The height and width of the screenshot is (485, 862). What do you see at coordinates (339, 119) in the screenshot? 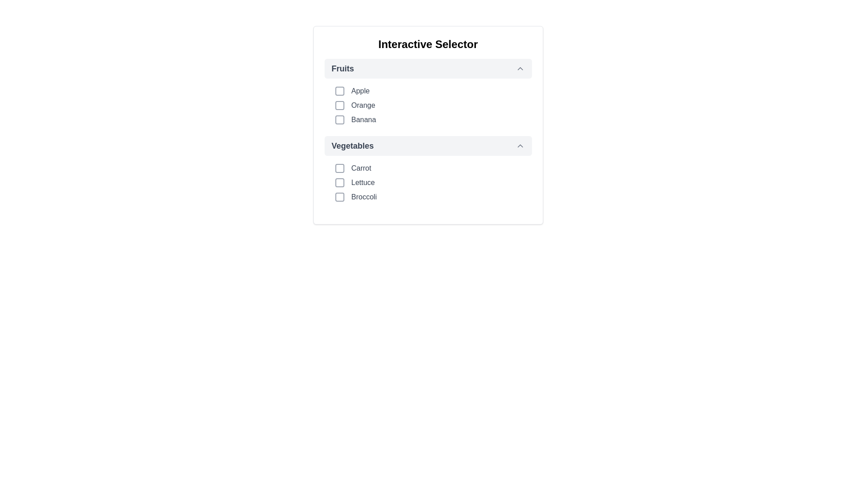
I see `the check icon element, which is visually represented by a thin line checkmark in a rounded square box with a green background, located within the 'Fruits' section next to the label 'Banana'` at bounding box center [339, 119].